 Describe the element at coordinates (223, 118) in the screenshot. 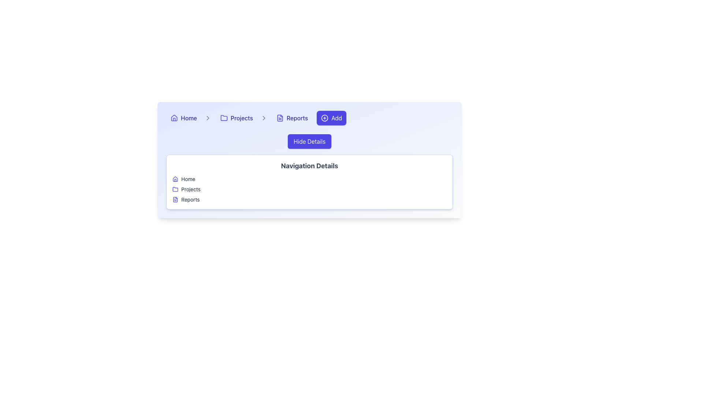

I see `the 'Projects' icon in the breadcrumb navigation` at that location.